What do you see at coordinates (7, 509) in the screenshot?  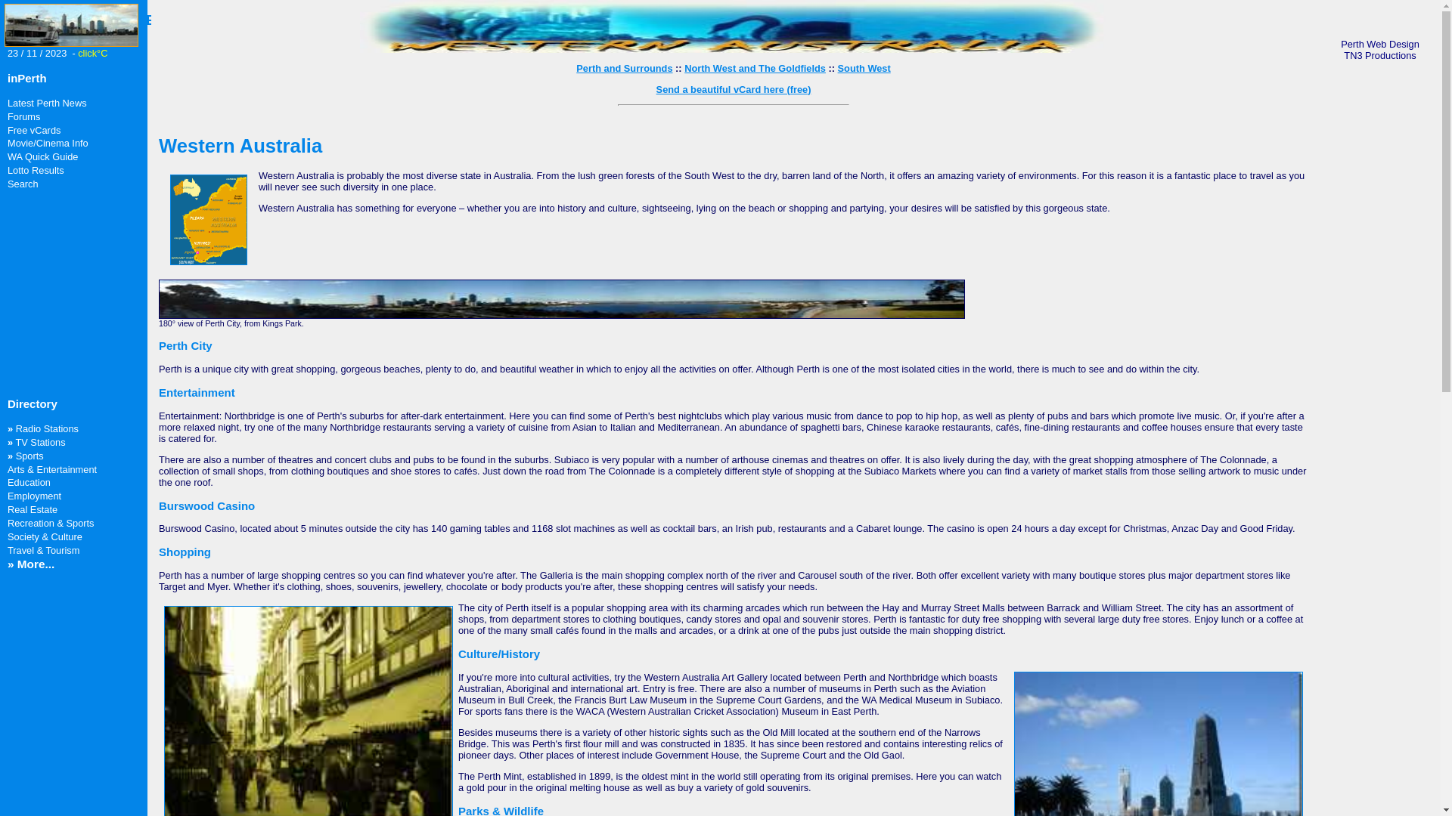 I see `'Real Estate'` at bounding box center [7, 509].